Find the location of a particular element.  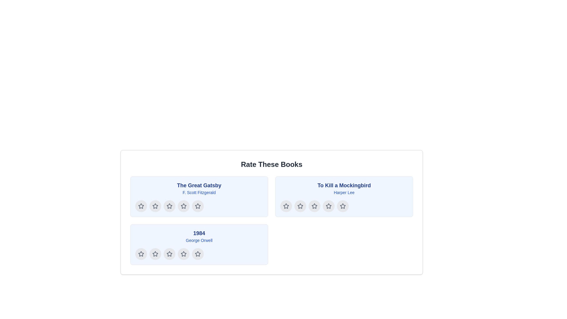

the text label displaying the title '1984' by George Orwell, which is the second book card in the sequence, located below 'The Great Gatsby' is located at coordinates (199, 236).